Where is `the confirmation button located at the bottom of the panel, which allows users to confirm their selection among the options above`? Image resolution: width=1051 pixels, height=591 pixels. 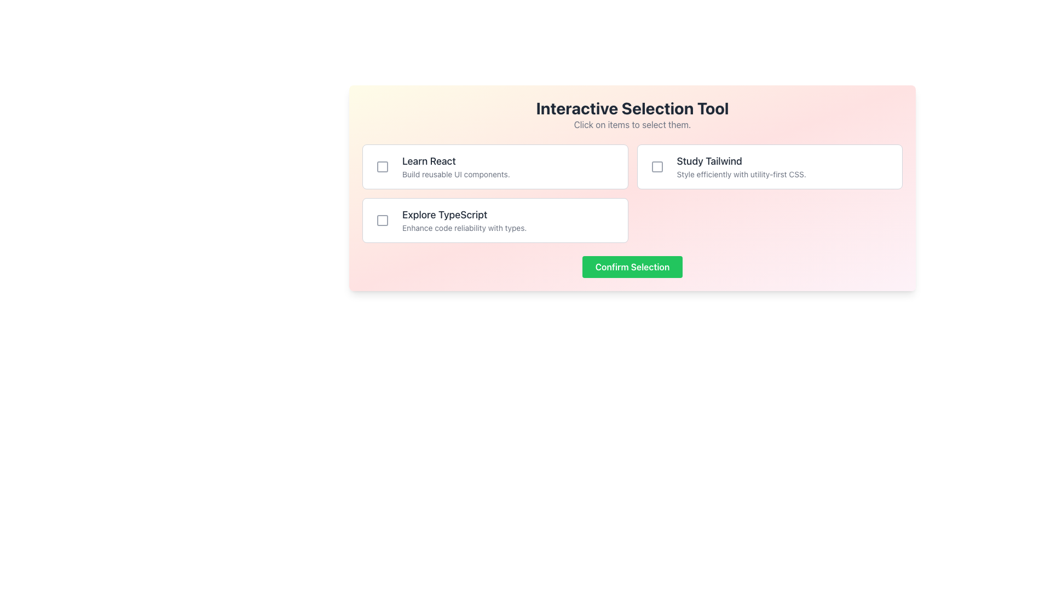 the confirmation button located at the bottom of the panel, which allows users to confirm their selection among the options above is located at coordinates (632, 267).